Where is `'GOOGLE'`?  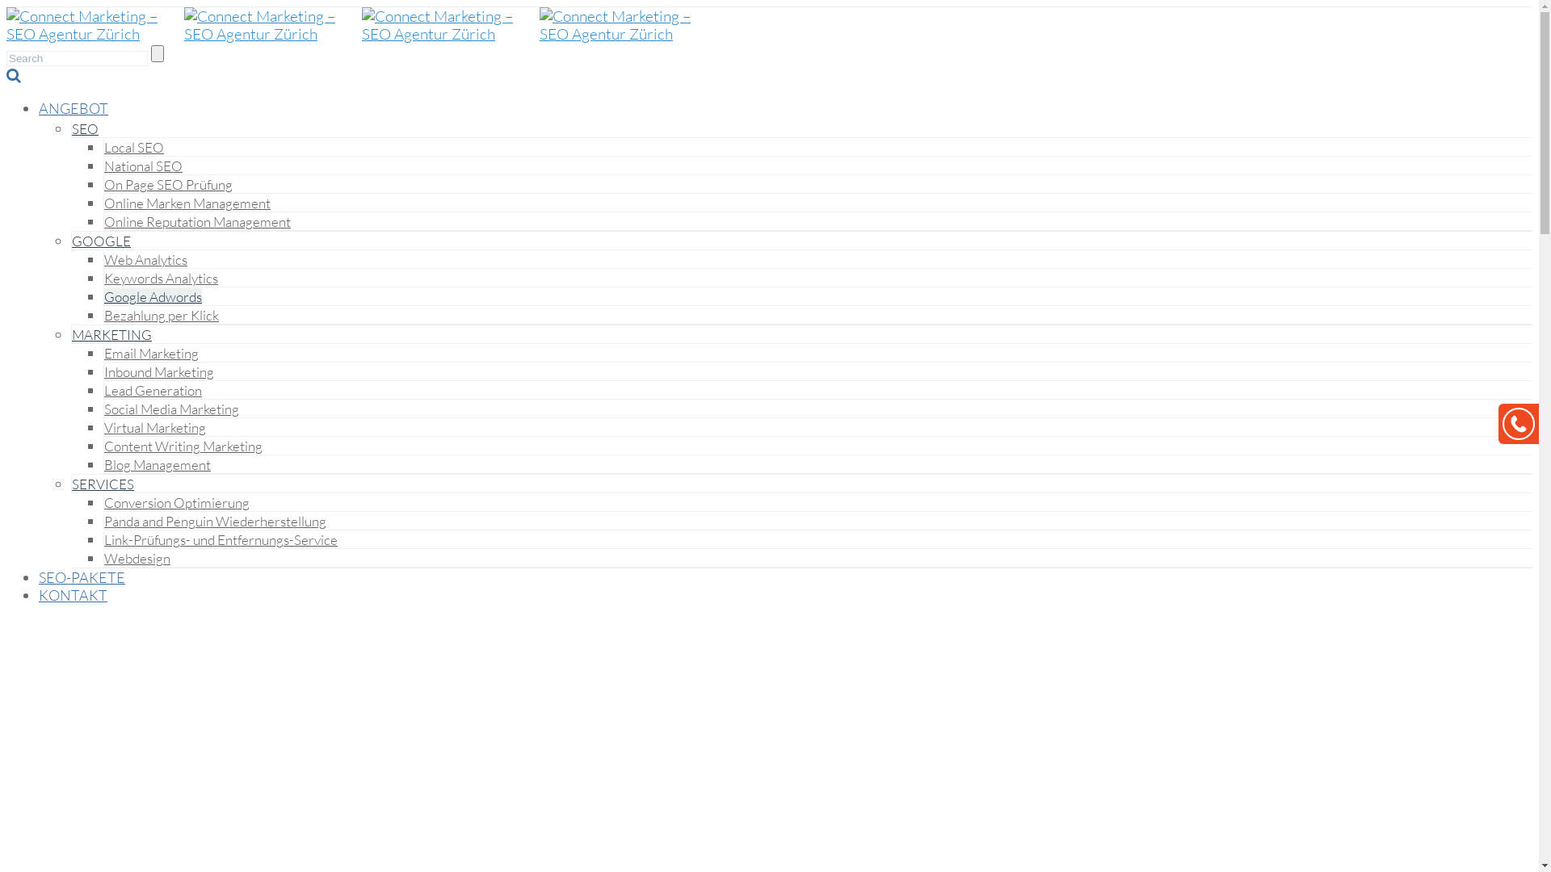 'GOOGLE' is located at coordinates (99, 241).